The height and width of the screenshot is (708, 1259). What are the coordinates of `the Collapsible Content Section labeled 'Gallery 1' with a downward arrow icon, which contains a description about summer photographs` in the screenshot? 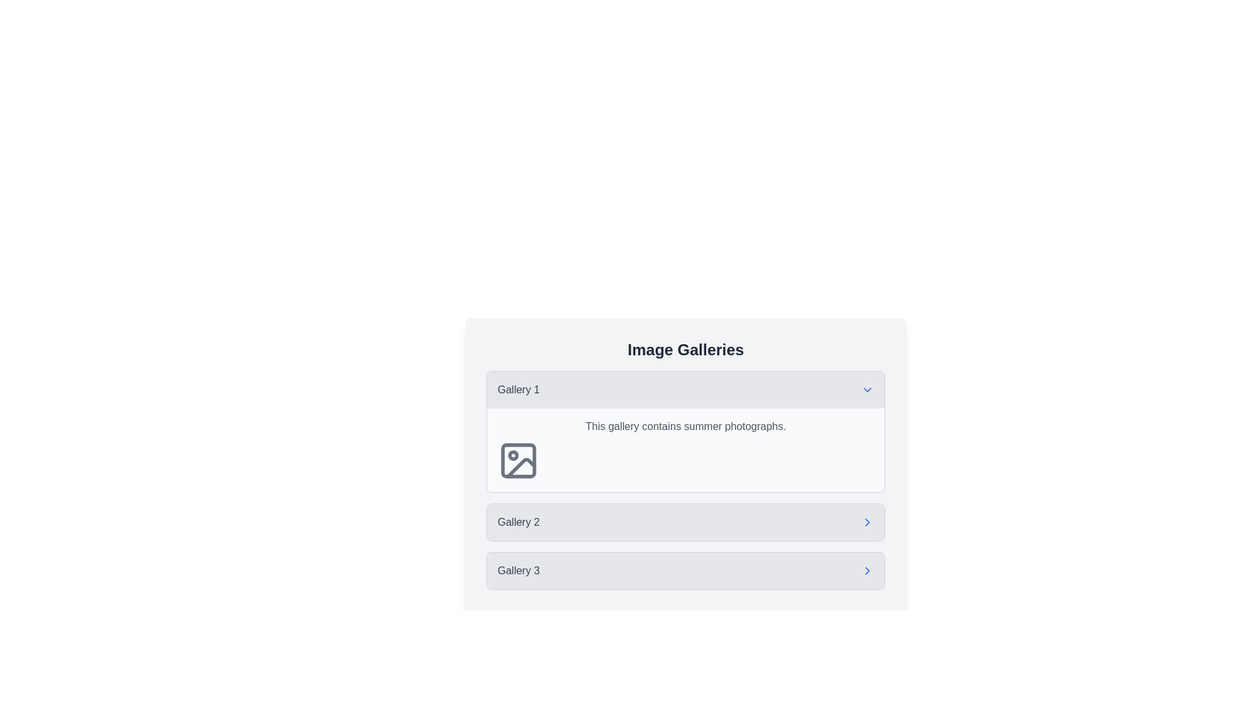 It's located at (685, 432).